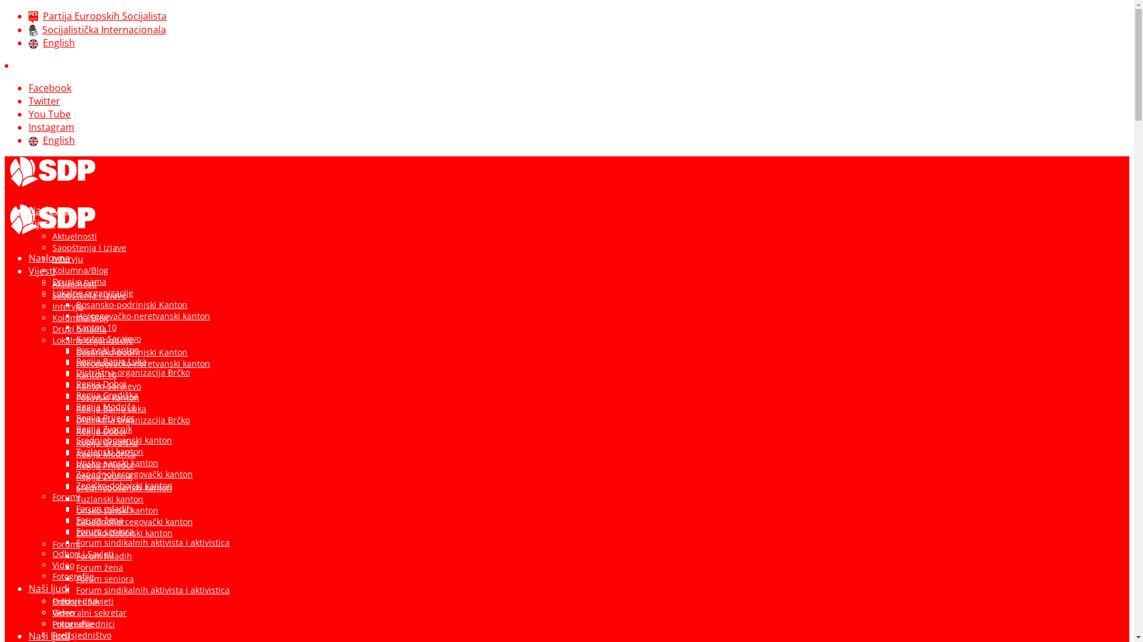  I want to click on 'Odbori i Savjeti', so click(82, 553).